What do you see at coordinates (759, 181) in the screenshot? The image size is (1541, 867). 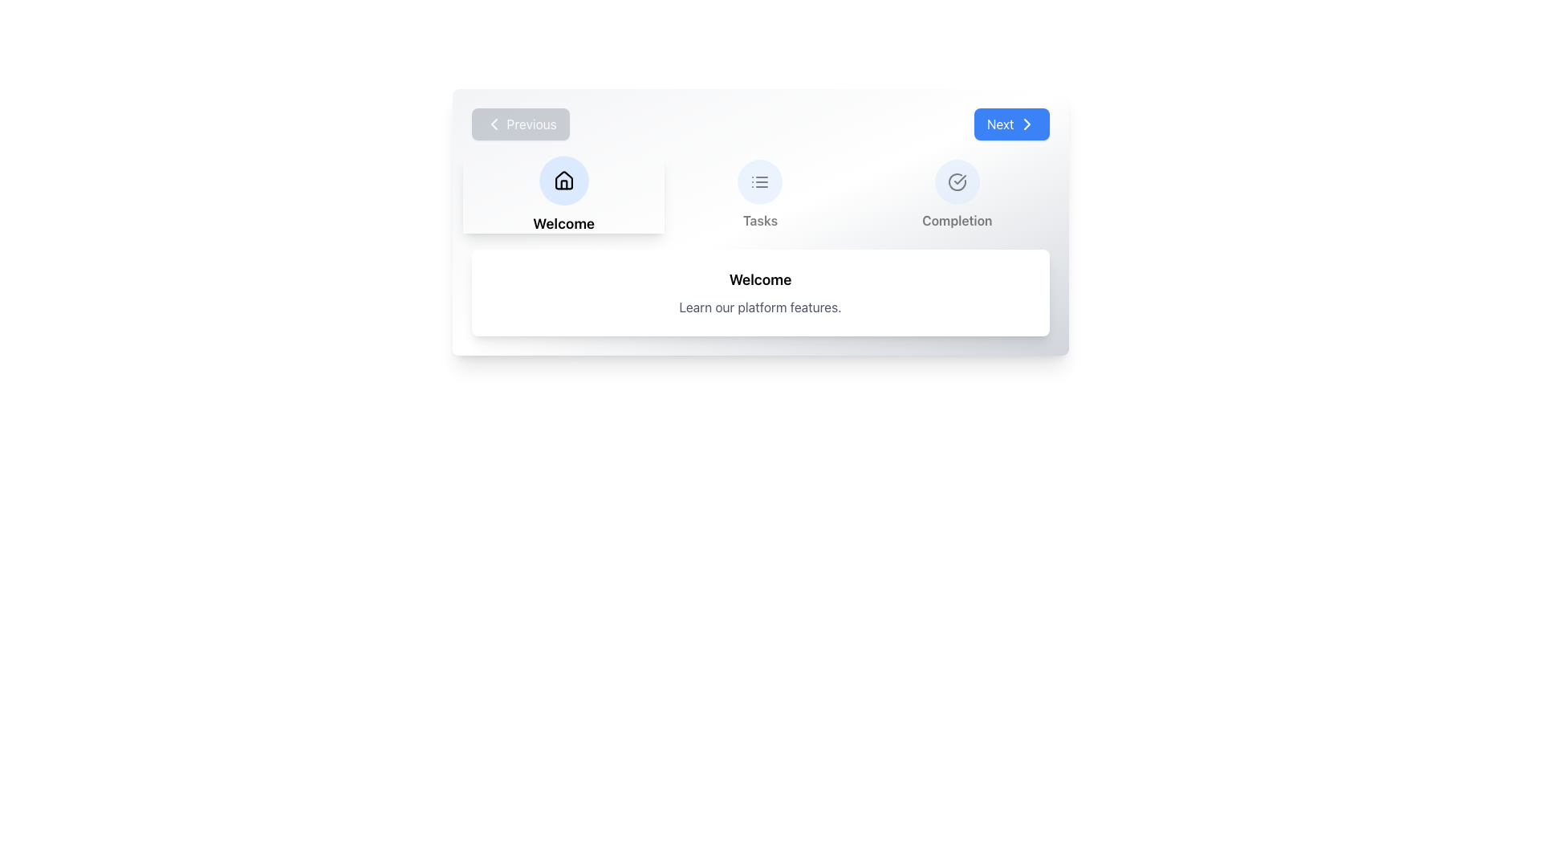 I see `the icon button located in the top-center of the interface` at bounding box center [759, 181].